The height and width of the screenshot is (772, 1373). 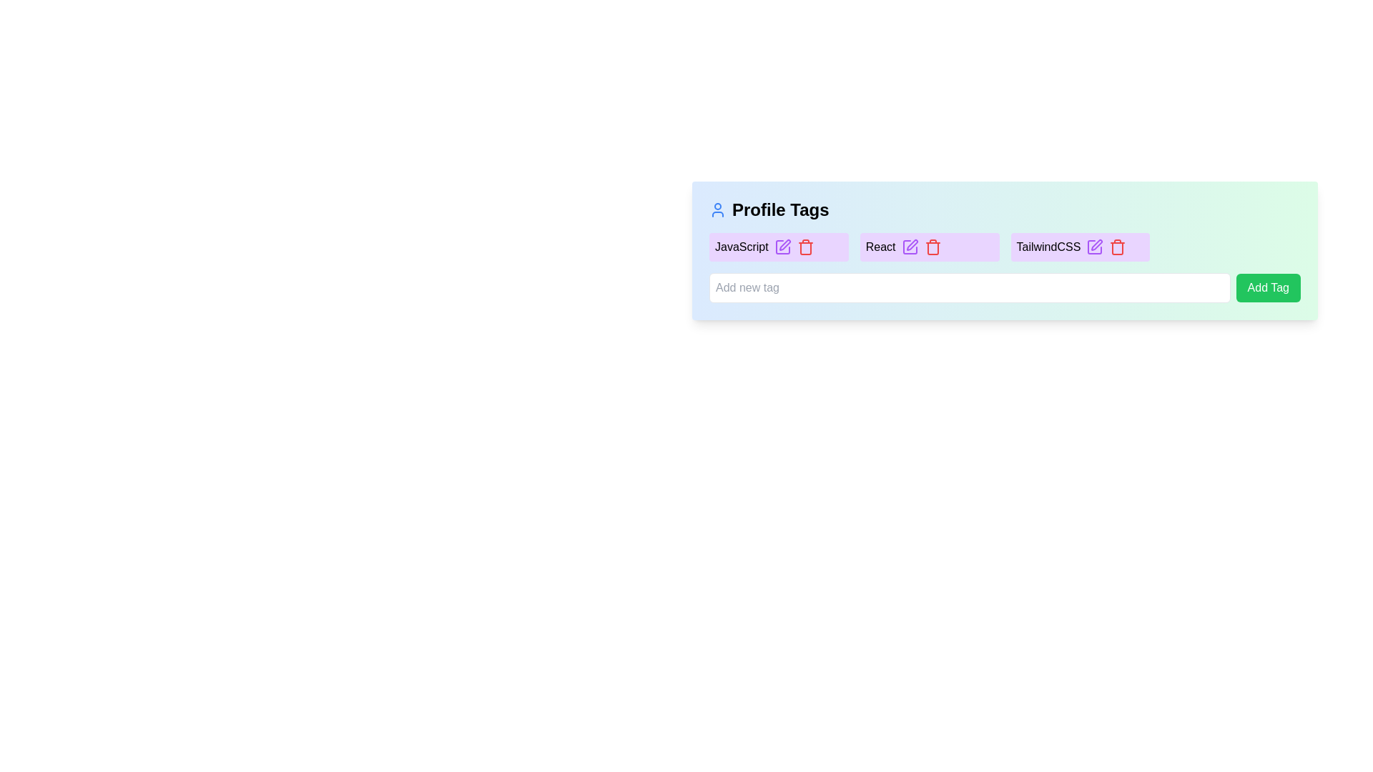 I want to click on the 'TailwindCSS' tag component in the 'Profile Tags' section, so click(x=1080, y=247).